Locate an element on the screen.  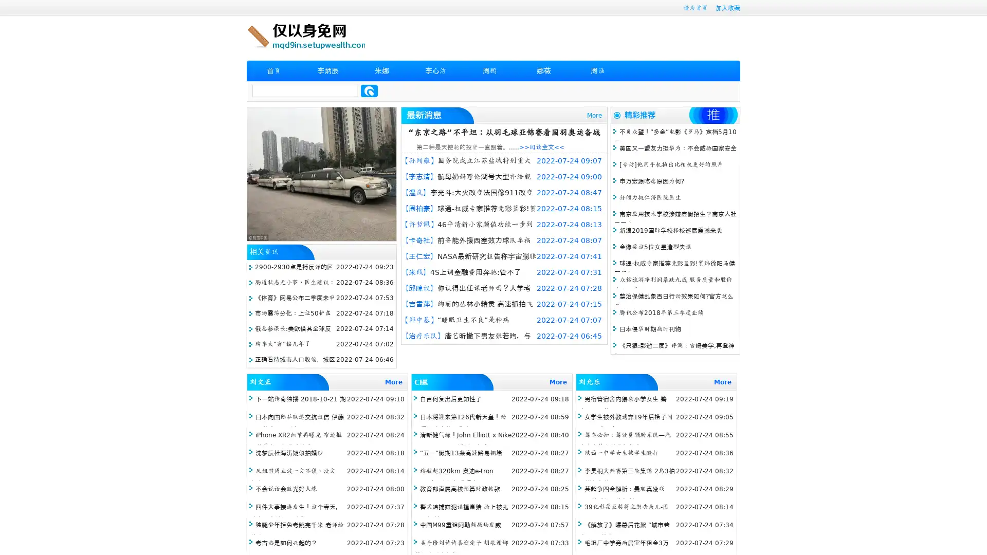
Search is located at coordinates (369, 90).